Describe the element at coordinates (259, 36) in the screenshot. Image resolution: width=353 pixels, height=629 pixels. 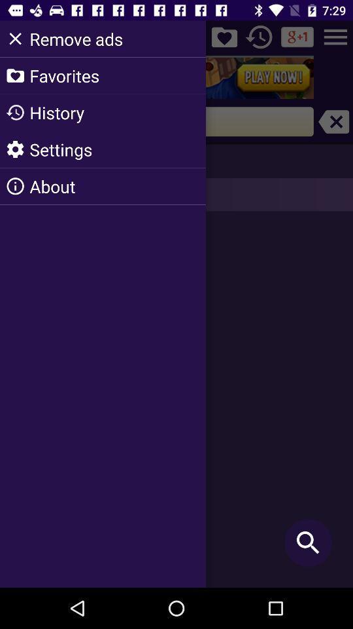
I see `the history icon` at that location.